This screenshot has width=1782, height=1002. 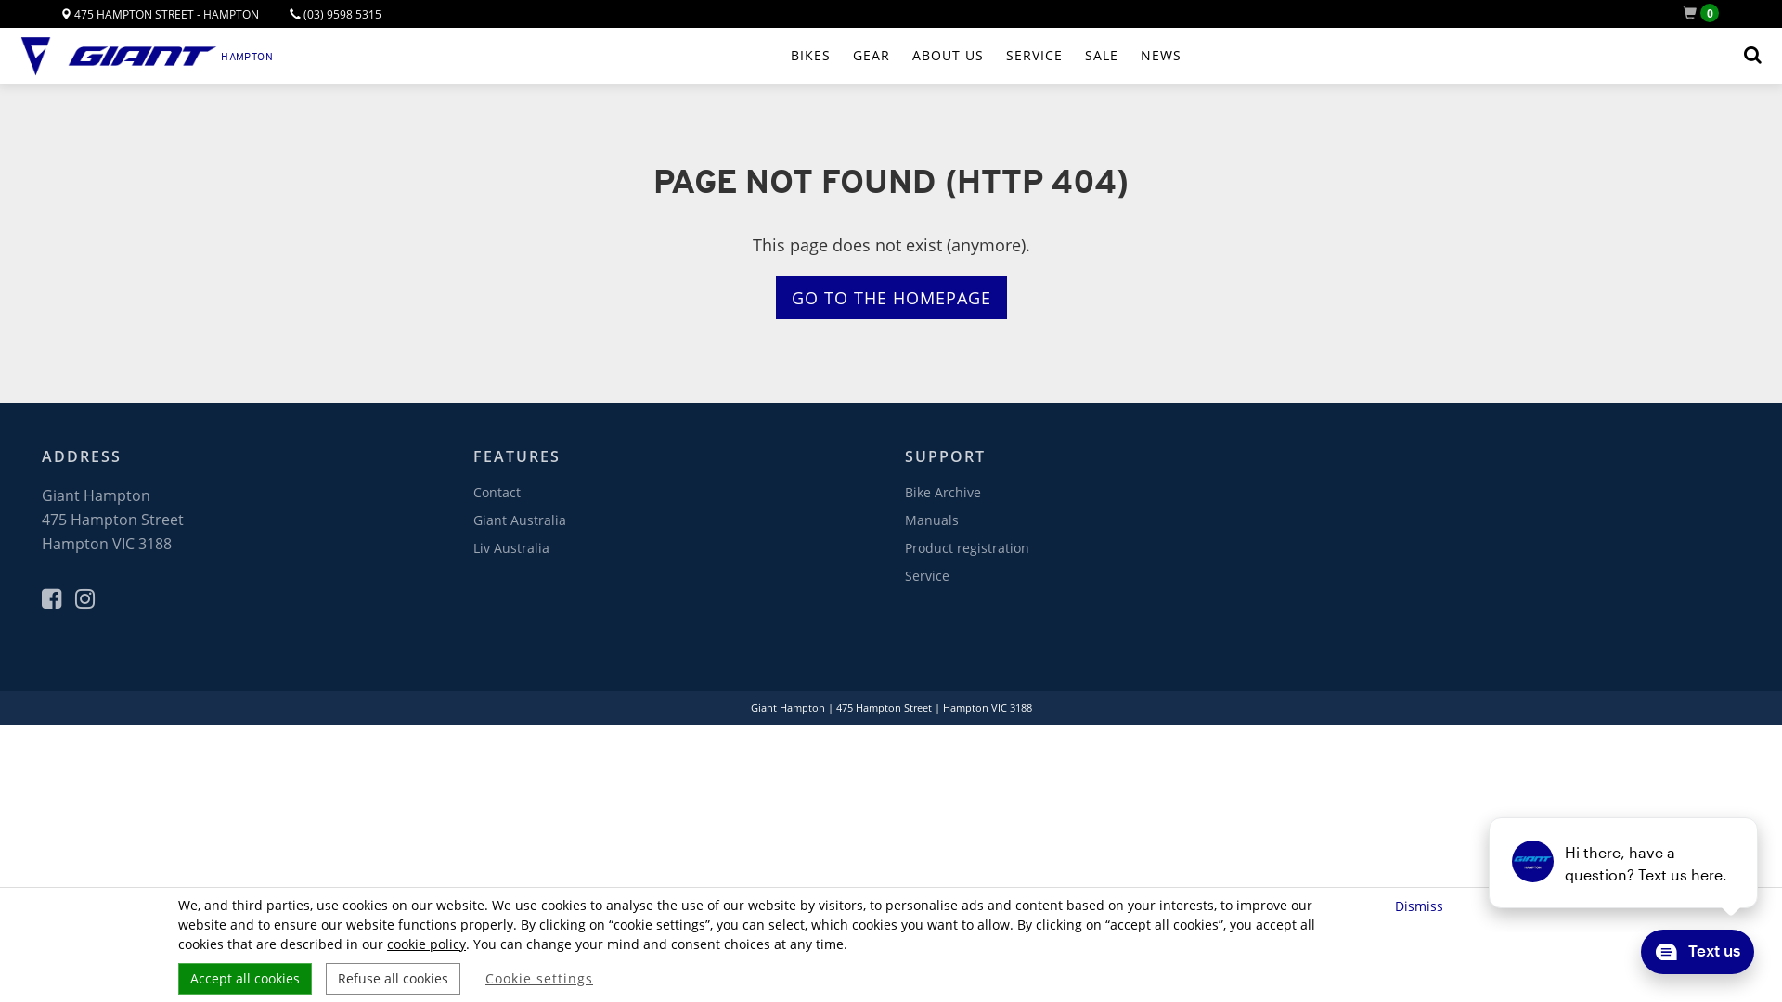 What do you see at coordinates (1704, 13) in the screenshot?
I see `'0'` at bounding box center [1704, 13].